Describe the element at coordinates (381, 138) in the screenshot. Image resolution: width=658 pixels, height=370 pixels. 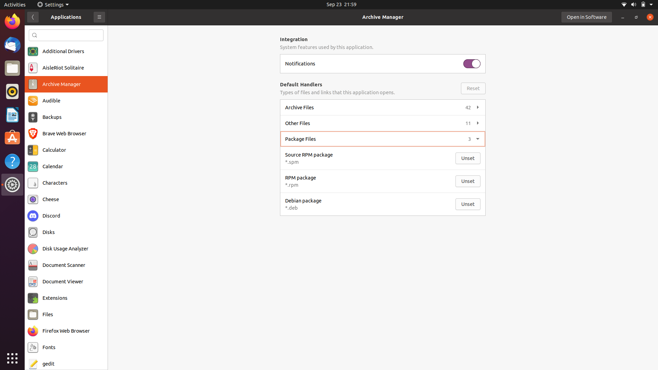
I see `package files` at that location.